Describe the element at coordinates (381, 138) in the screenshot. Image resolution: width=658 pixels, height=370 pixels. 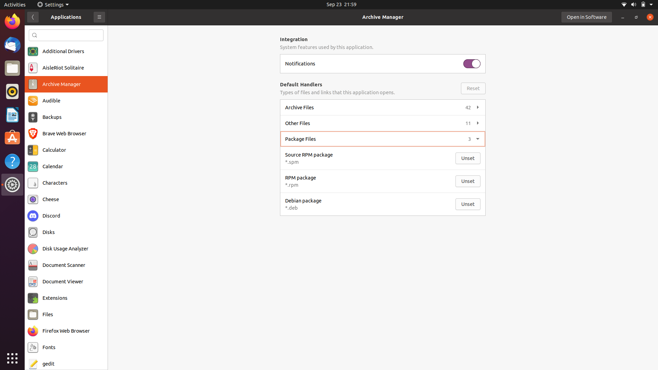
I see `package files` at that location.